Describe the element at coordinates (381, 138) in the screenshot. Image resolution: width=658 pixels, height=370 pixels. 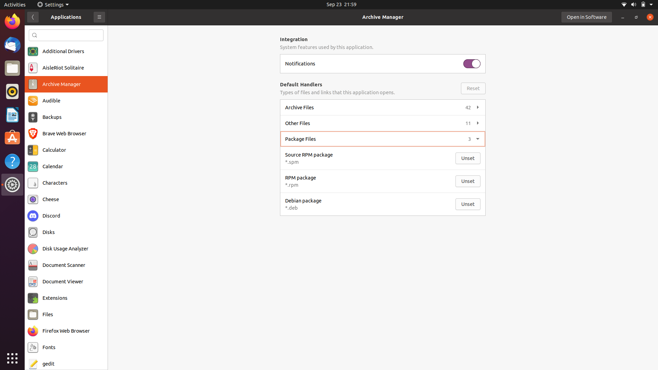
I see `package files` at that location.